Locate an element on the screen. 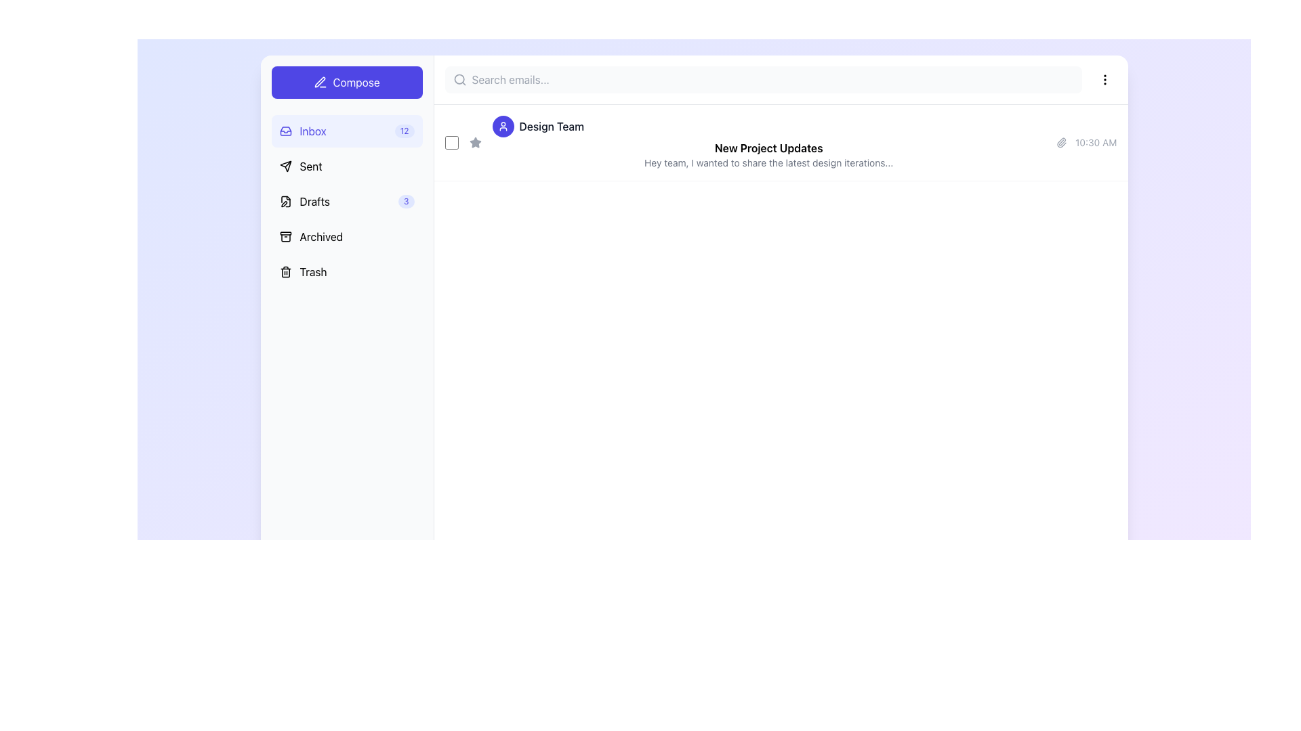 The width and height of the screenshot is (1301, 731). the navigation button for 'Sent', which is the second item in the vertical list of menu items is located at coordinates (347, 166).